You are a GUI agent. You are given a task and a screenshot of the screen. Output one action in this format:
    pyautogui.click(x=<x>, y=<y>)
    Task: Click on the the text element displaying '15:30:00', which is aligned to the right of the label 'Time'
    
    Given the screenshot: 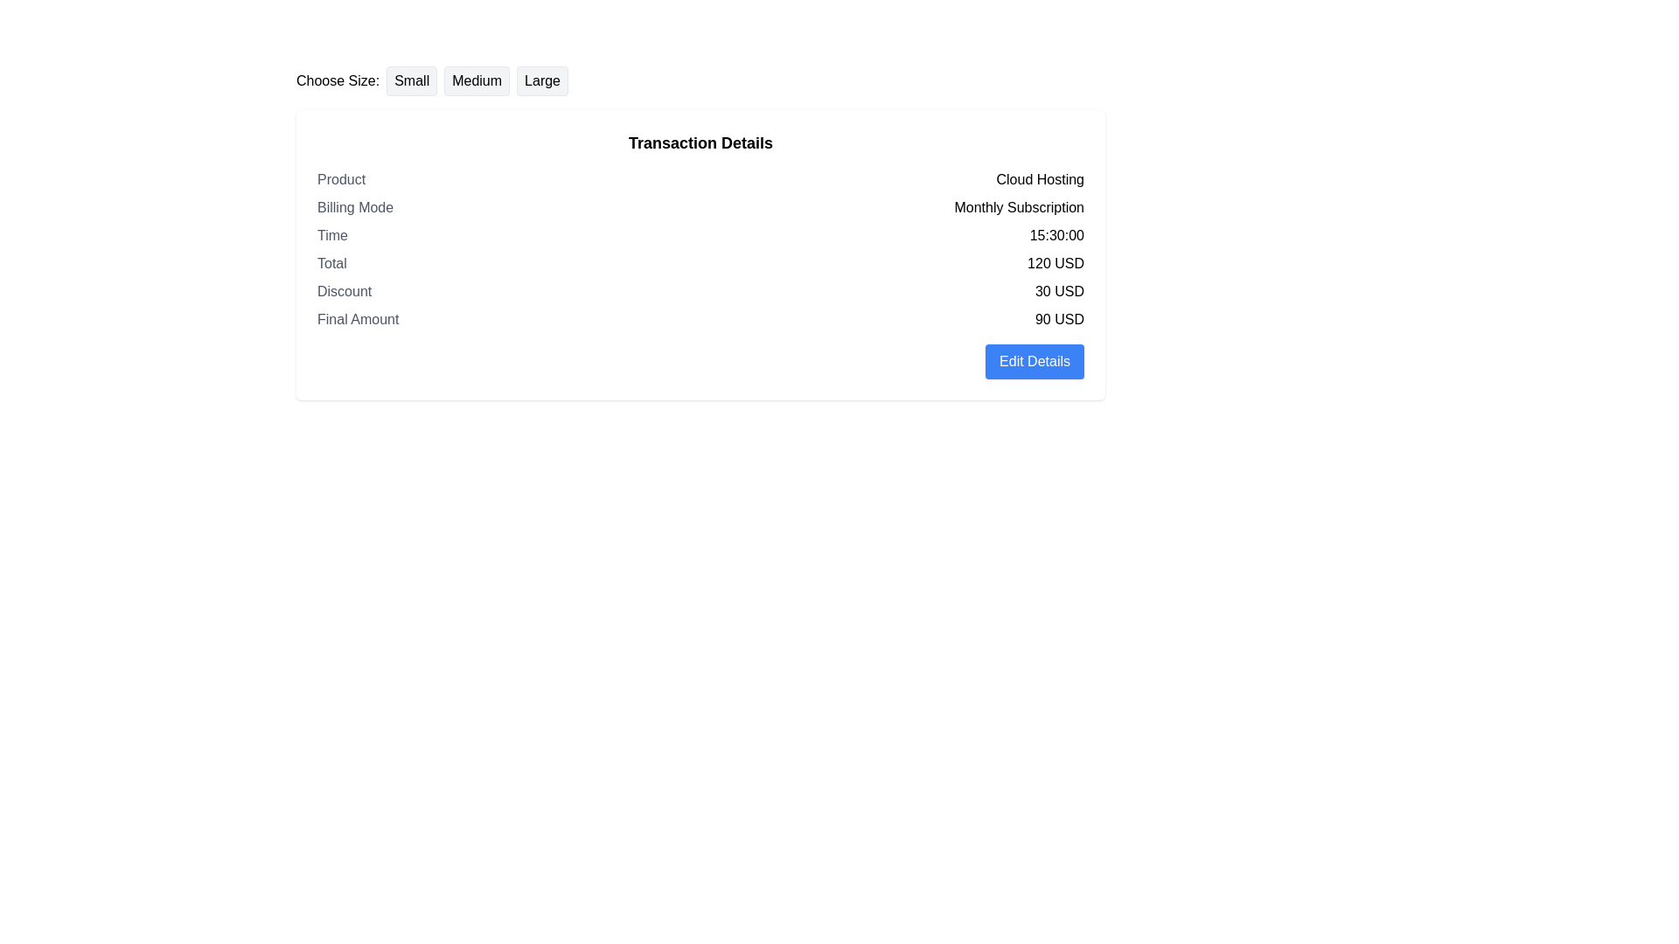 What is the action you would take?
    pyautogui.click(x=1055, y=236)
    